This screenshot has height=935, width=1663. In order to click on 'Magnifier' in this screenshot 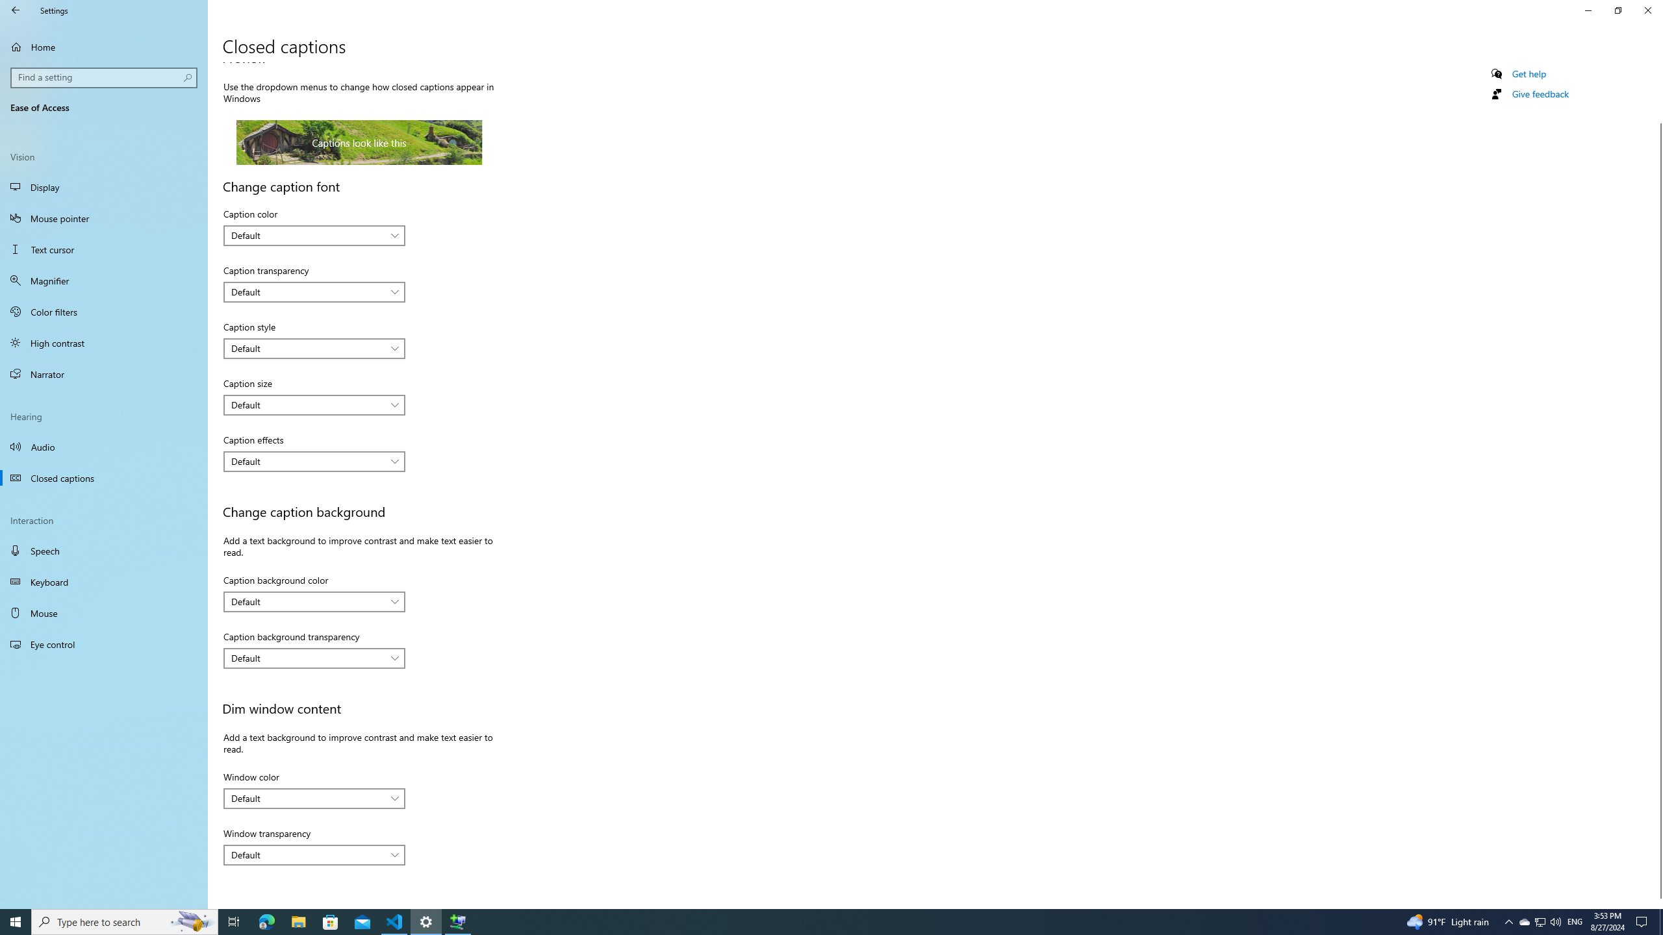, I will do `click(103, 280)`.